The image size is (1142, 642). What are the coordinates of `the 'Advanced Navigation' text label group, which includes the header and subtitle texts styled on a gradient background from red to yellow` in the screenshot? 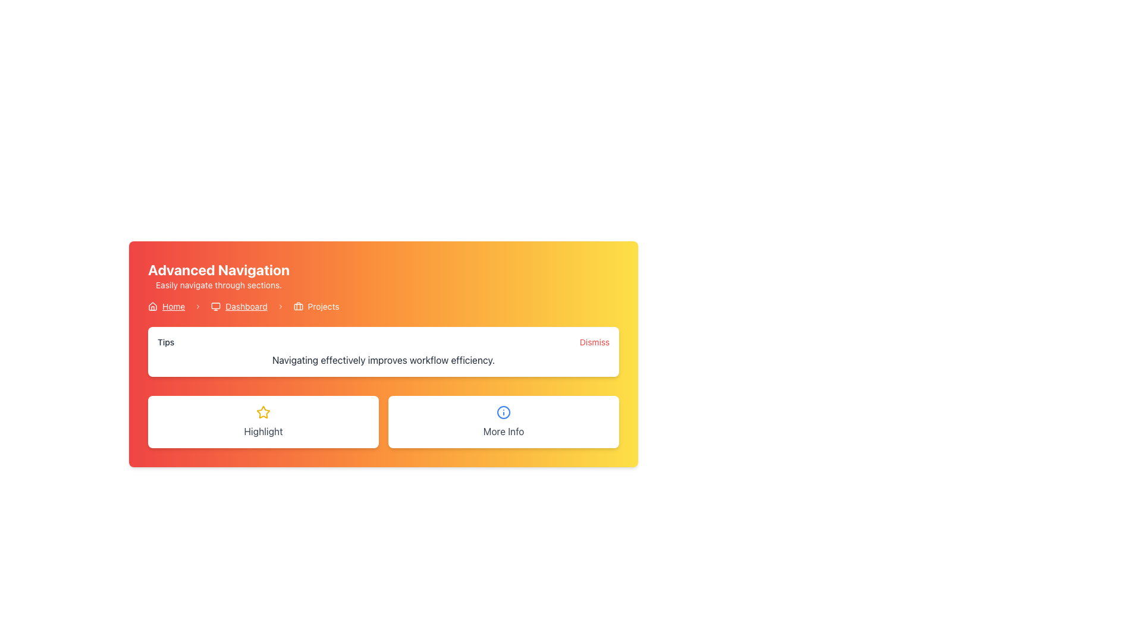 It's located at (219, 275).